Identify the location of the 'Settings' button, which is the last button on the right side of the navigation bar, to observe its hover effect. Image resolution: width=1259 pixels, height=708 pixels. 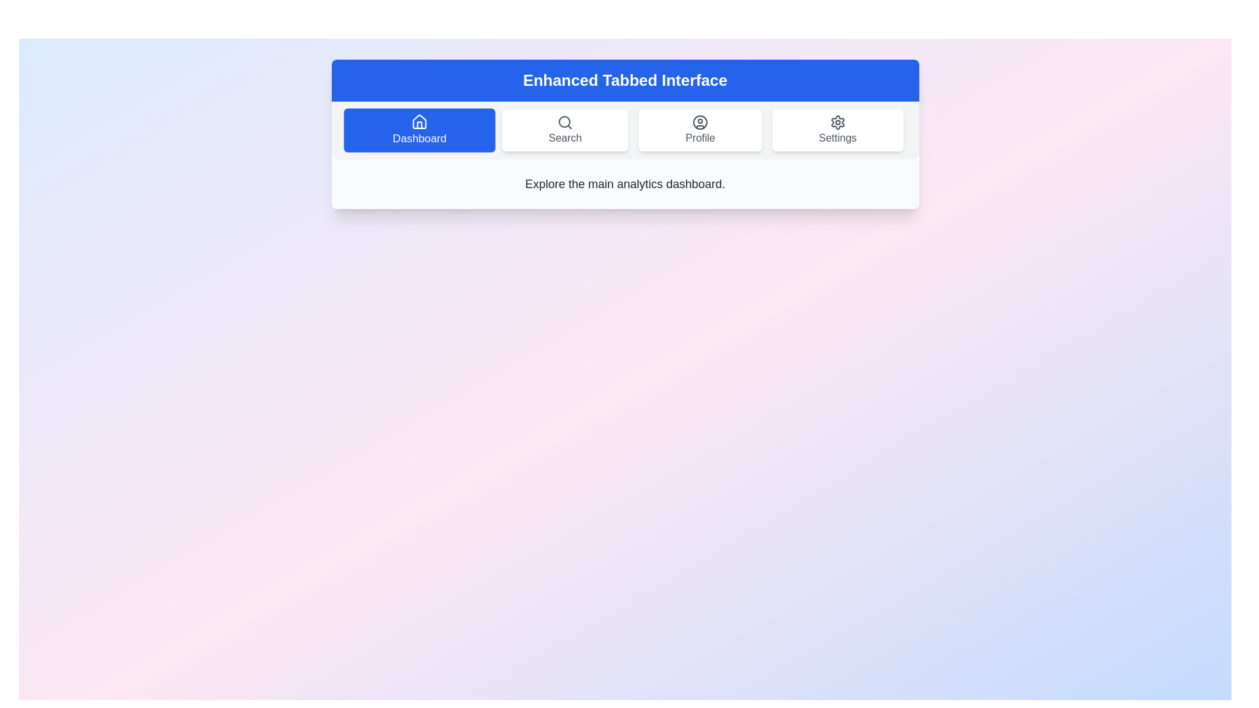
(837, 130).